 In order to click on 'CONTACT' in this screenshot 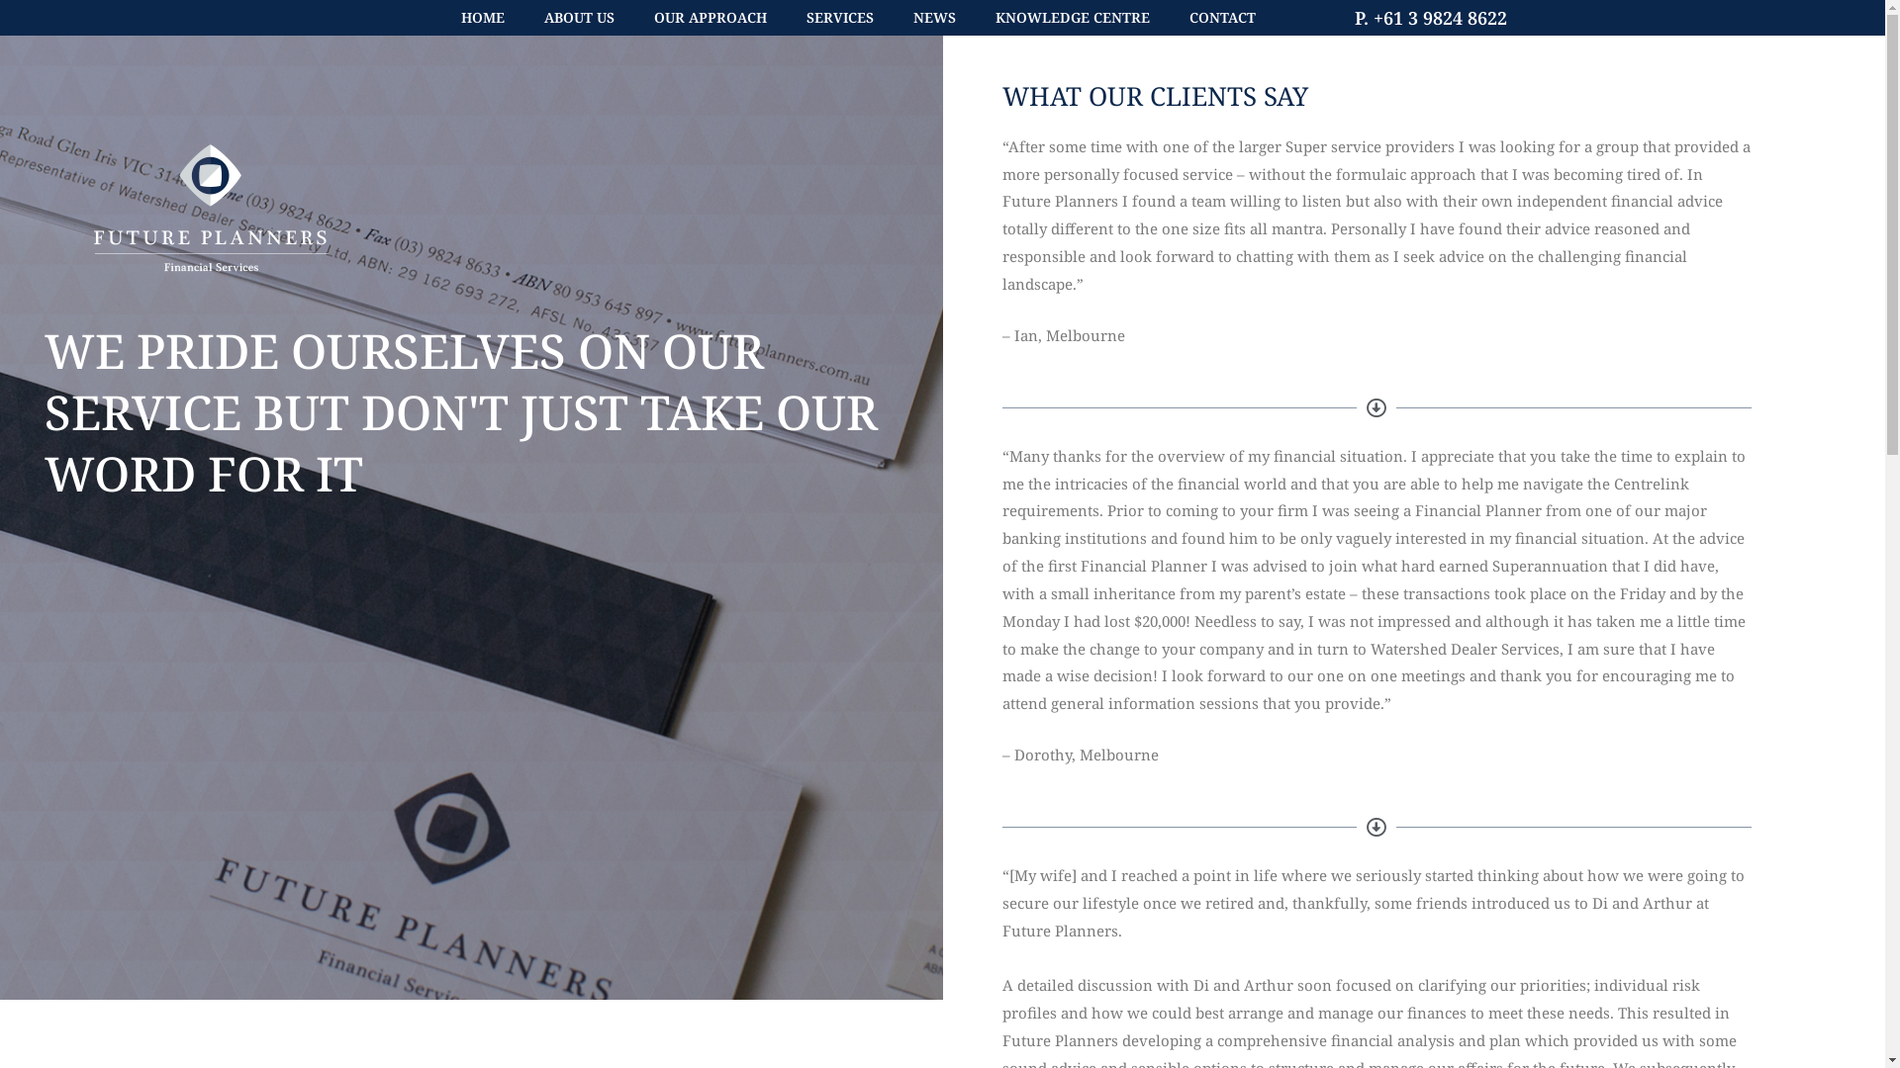, I will do `click(1221, 18)`.